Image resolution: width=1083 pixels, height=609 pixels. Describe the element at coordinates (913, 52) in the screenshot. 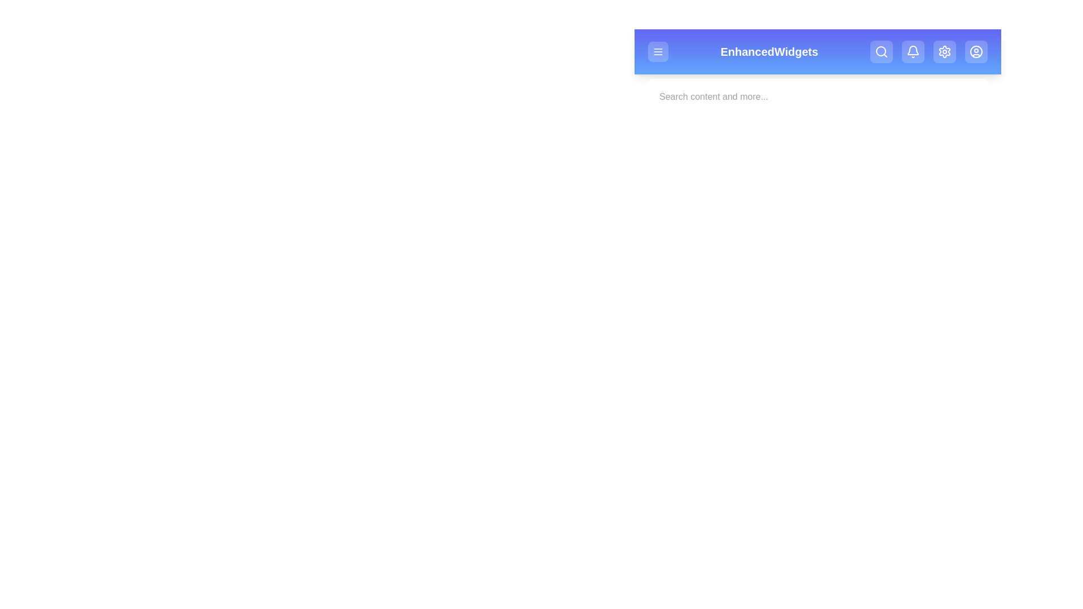

I see `the Notifications button` at that location.